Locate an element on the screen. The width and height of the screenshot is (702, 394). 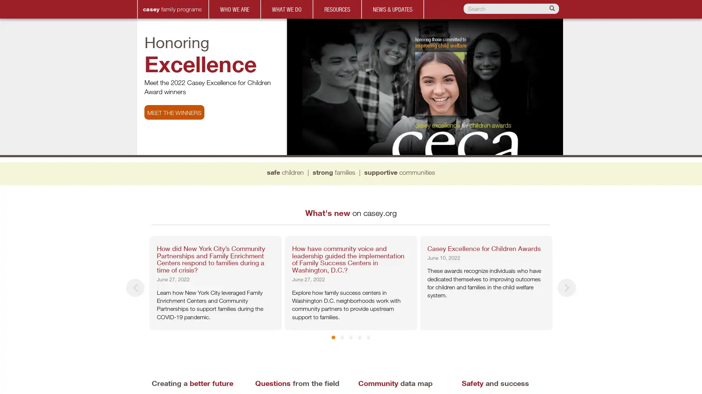
Slide group 3 is located at coordinates (355, 337).